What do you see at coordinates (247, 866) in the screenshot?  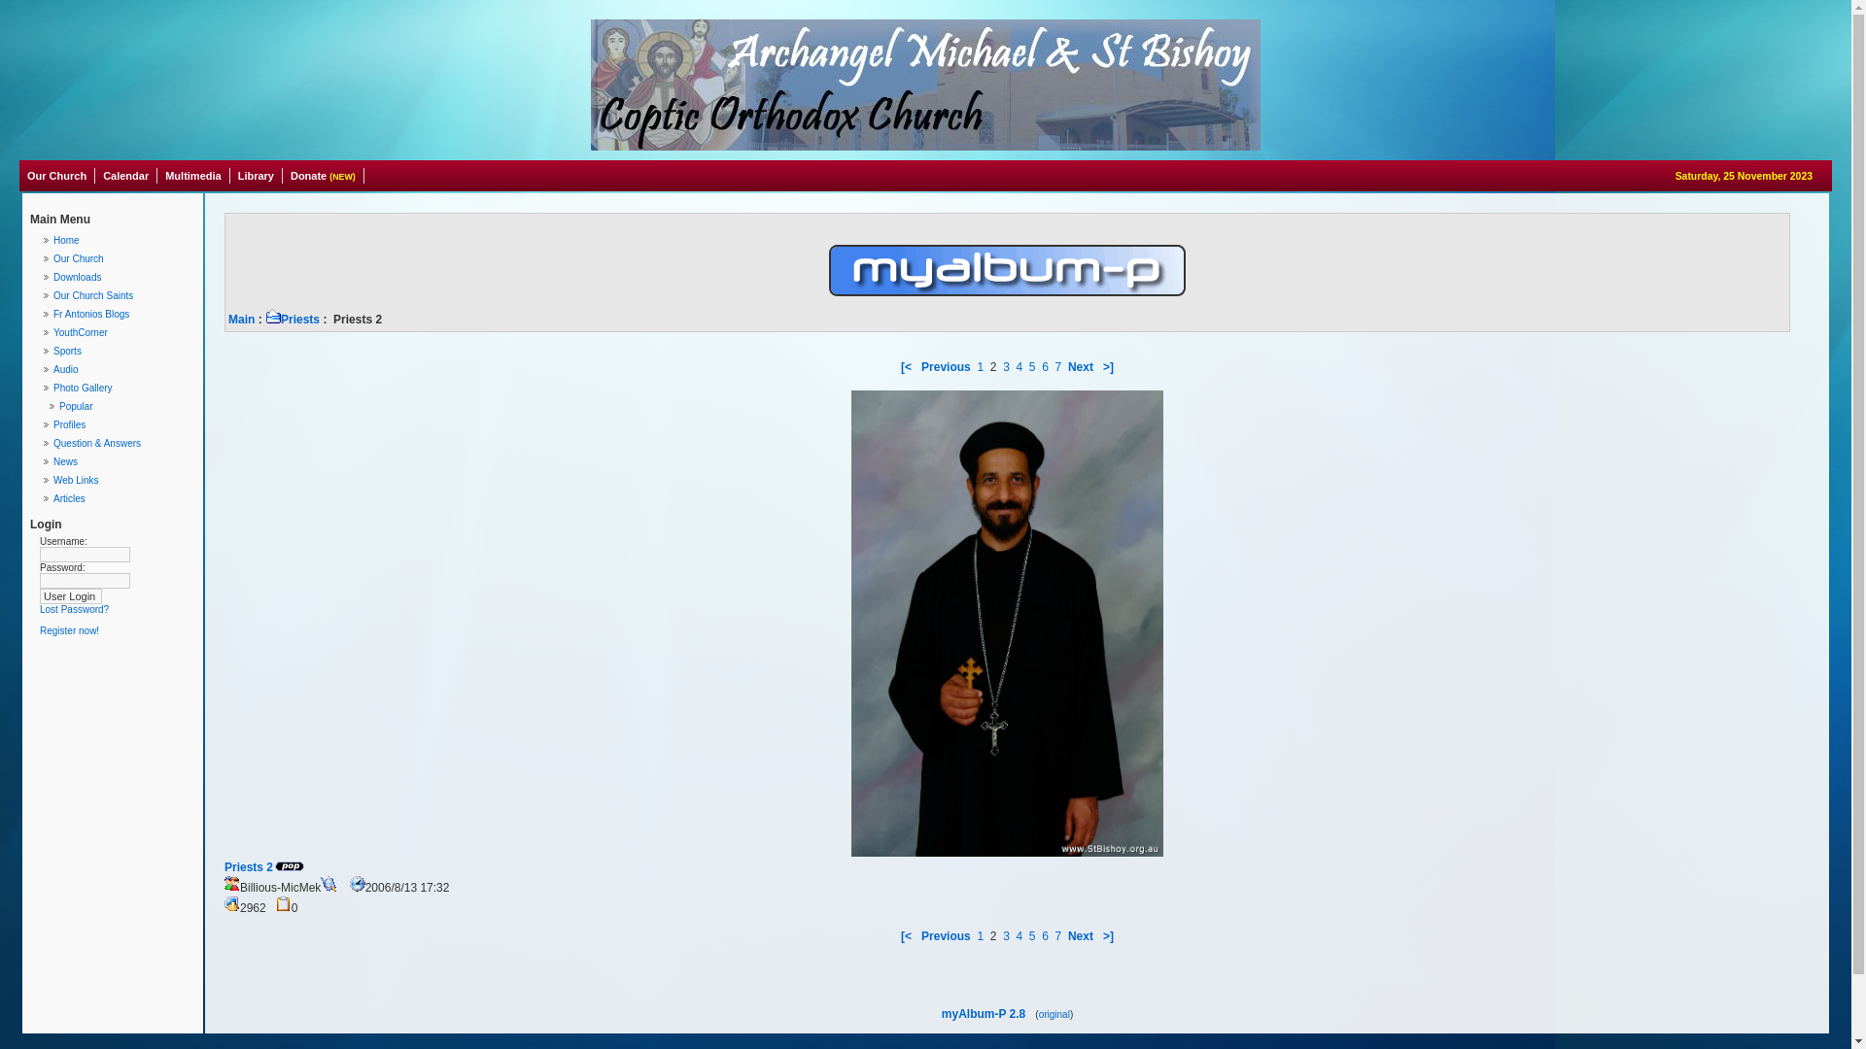 I see `'Priests 2'` at bounding box center [247, 866].